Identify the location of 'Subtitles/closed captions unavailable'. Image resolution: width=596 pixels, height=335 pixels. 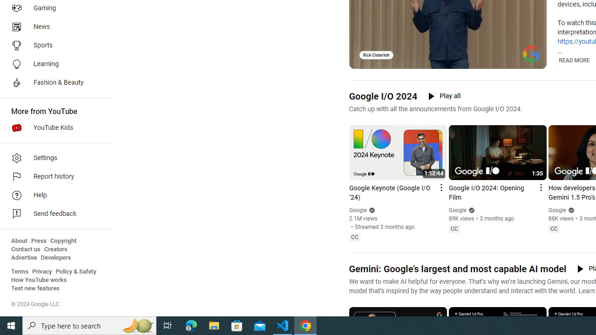
(499, 60).